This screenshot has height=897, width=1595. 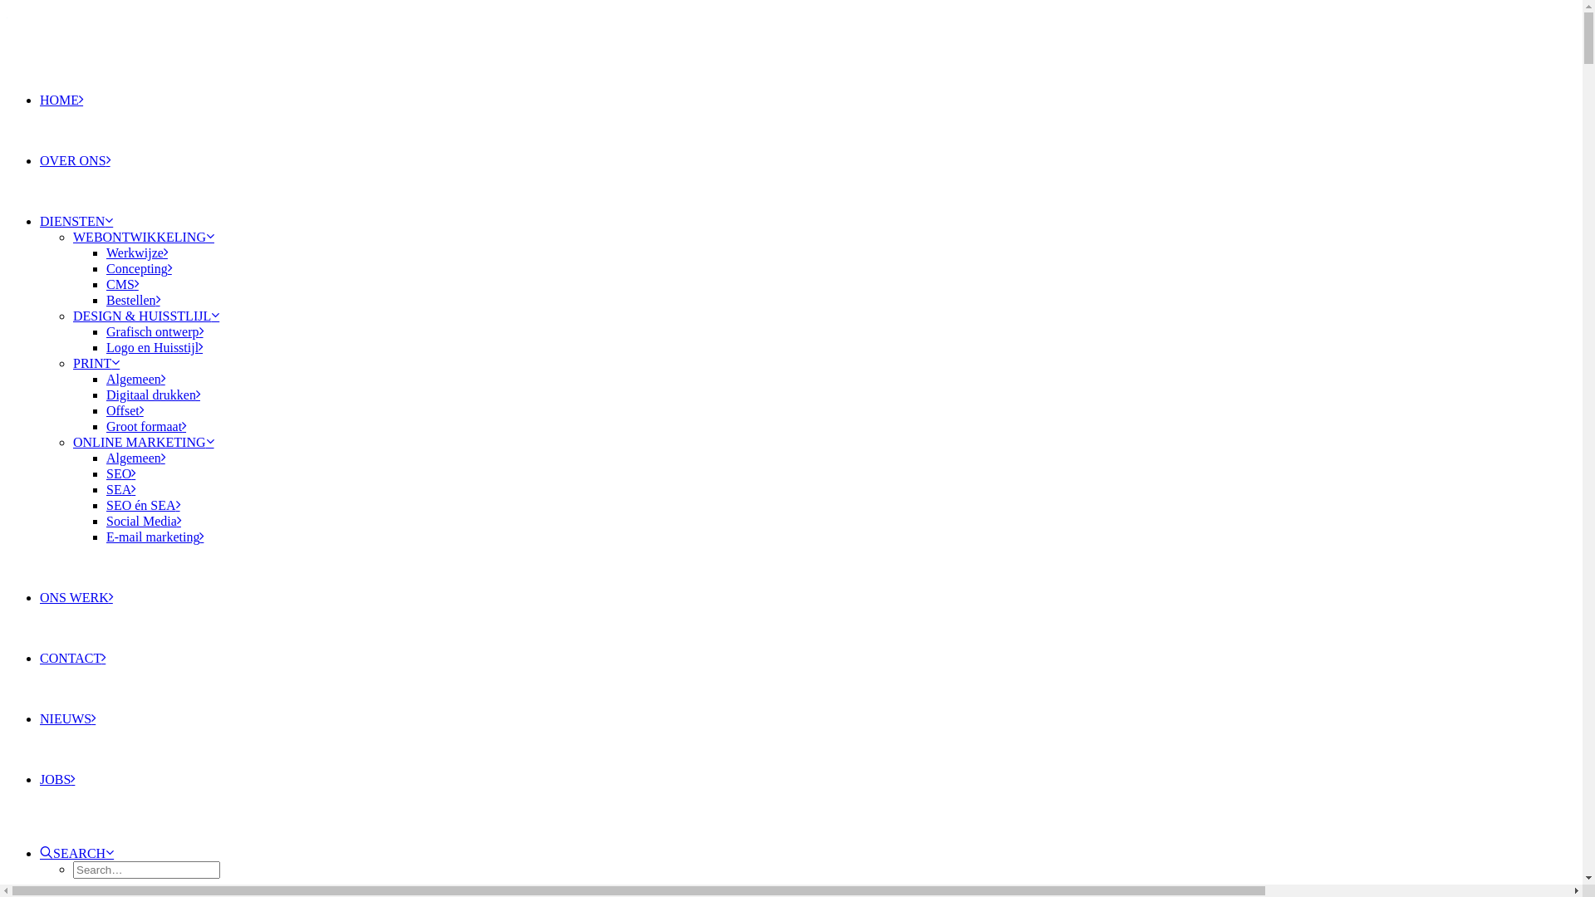 What do you see at coordinates (75, 596) in the screenshot?
I see `'ONS WERK'` at bounding box center [75, 596].